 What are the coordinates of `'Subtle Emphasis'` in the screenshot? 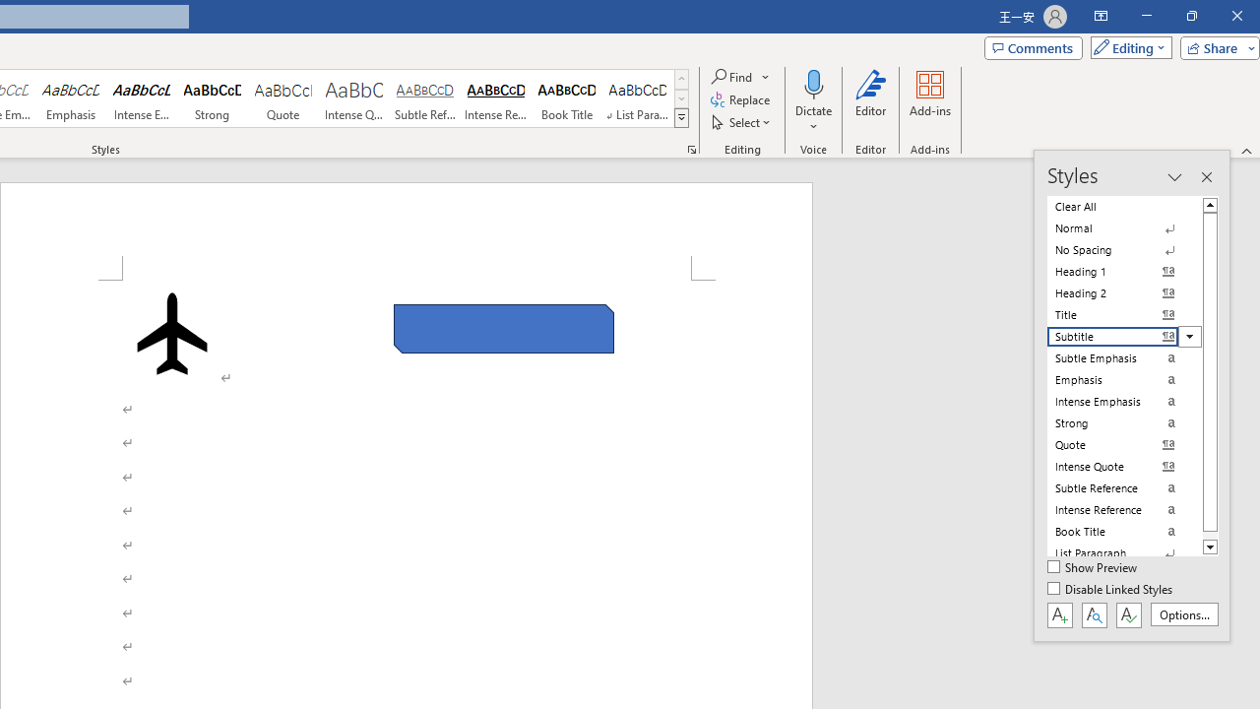 It's located at (1124, 357).